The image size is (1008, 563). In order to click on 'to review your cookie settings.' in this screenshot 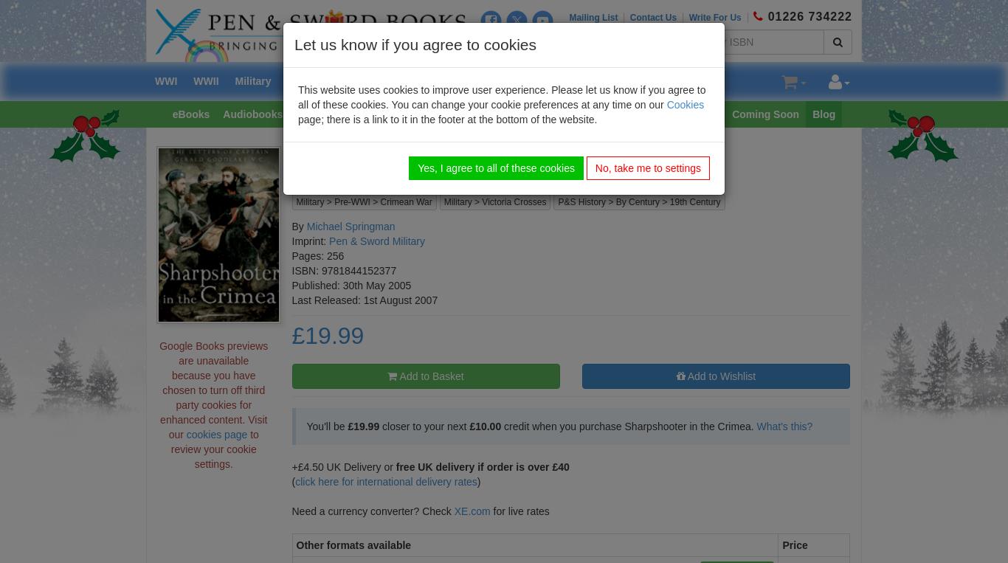, I will do `click(214, 449)`.